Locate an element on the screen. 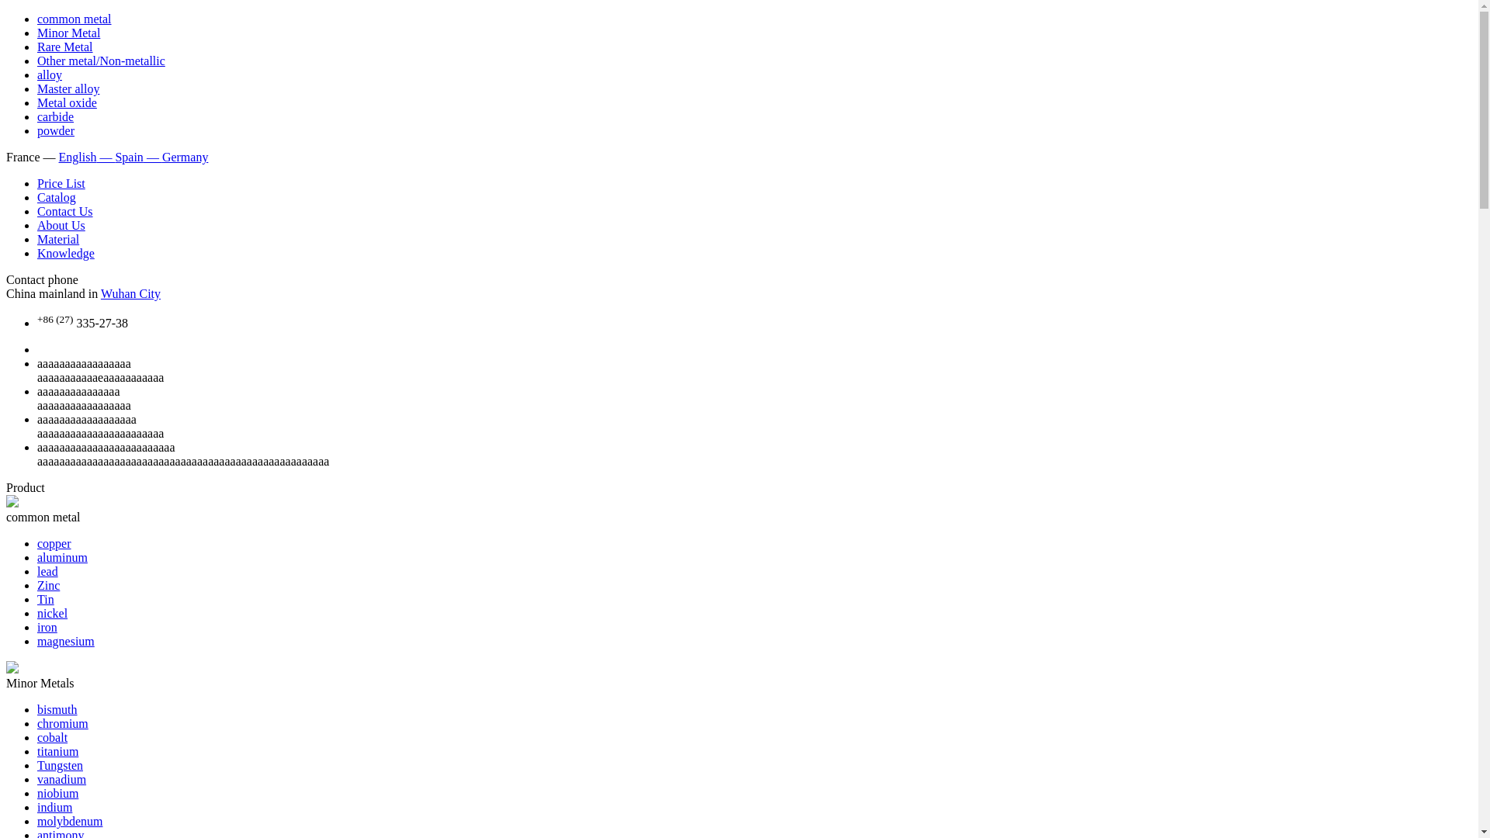 The height and width of the screenshot is (838, 1490). 'Knowledge' is located at coordinates (37, 252).